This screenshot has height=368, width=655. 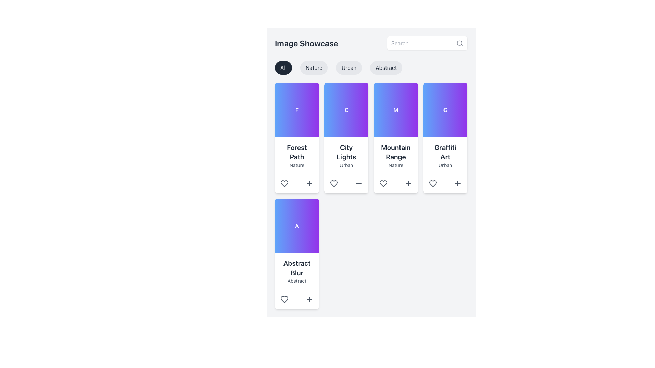 I want to click on text content from the descriptive label for the card titled 'City Lights' in the second column of the grid layout, located below the header 'C', so click(x=346, y=155).